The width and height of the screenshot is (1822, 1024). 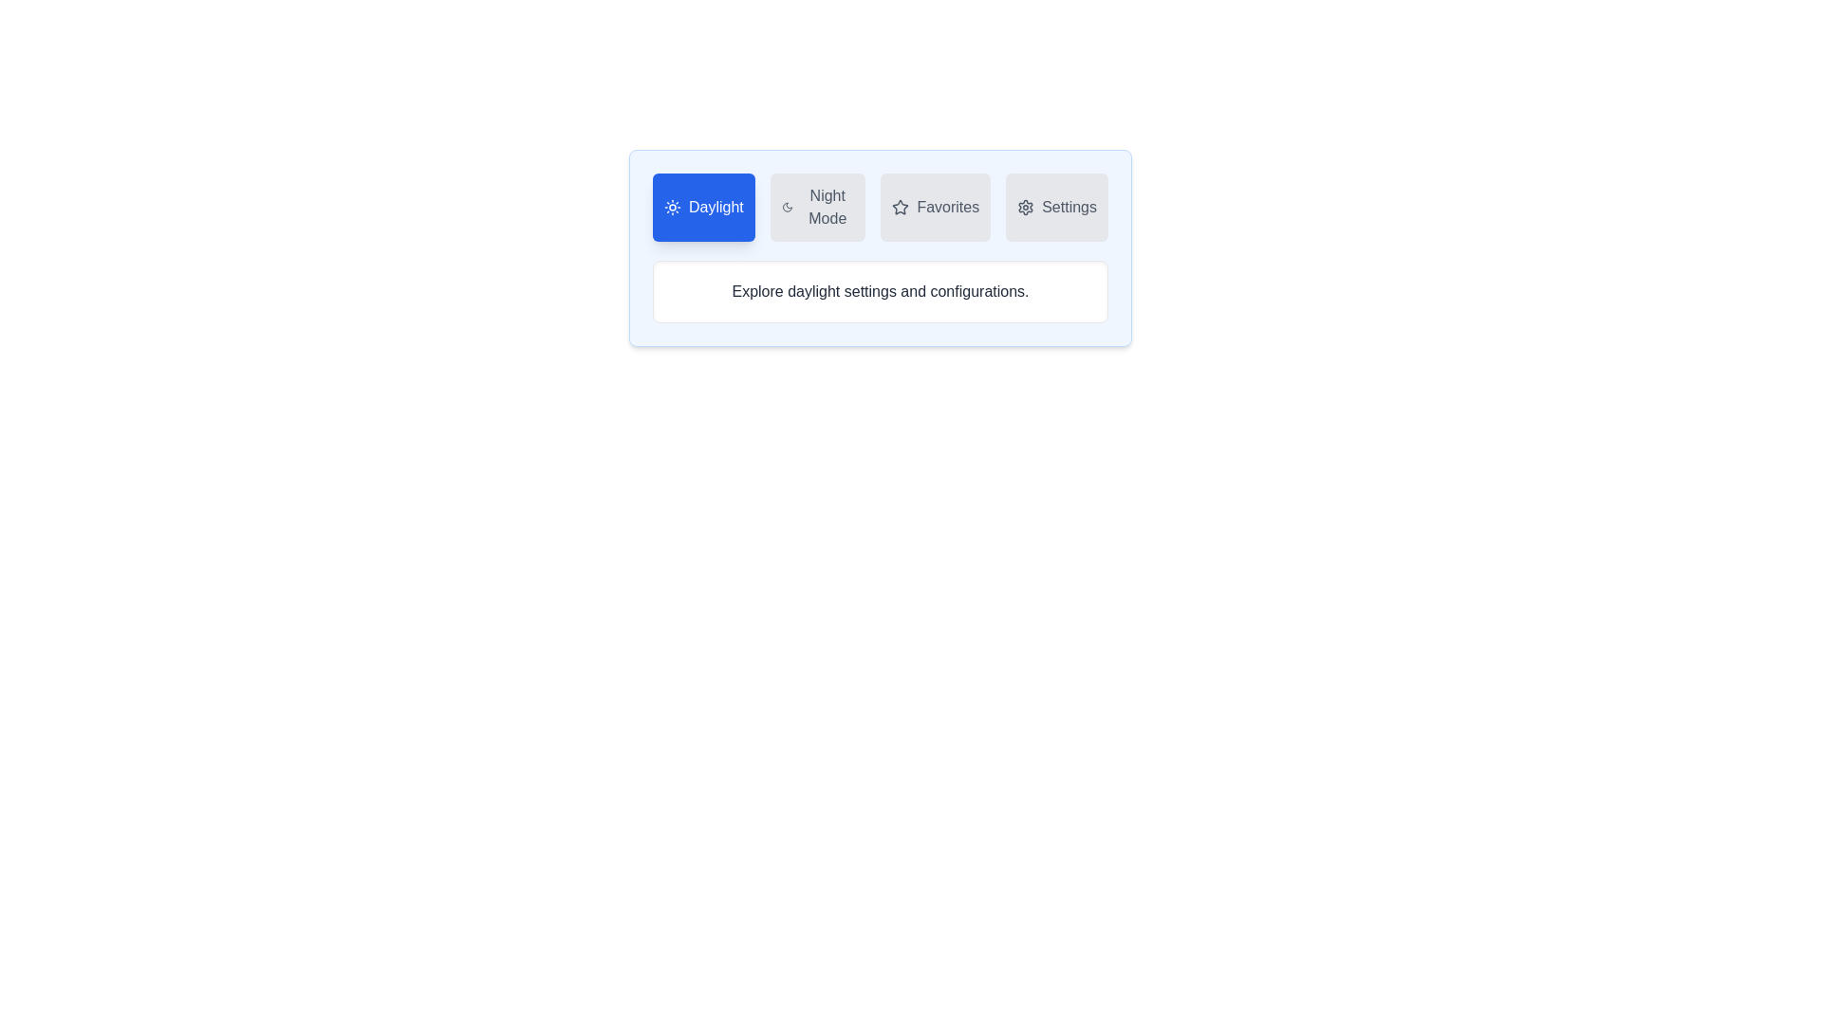 I want to click on the tab labeled Settings, so click(x=1056, y=208).